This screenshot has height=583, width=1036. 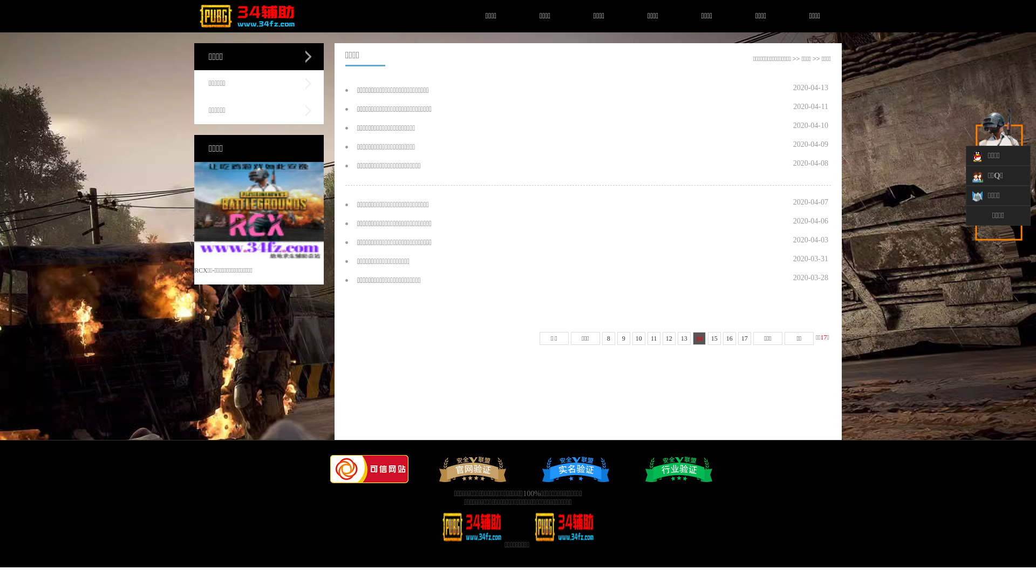 What do you see at coordinates (692, 338) in the screenshot?
I see `'14'` at bounding box center [692, 338].